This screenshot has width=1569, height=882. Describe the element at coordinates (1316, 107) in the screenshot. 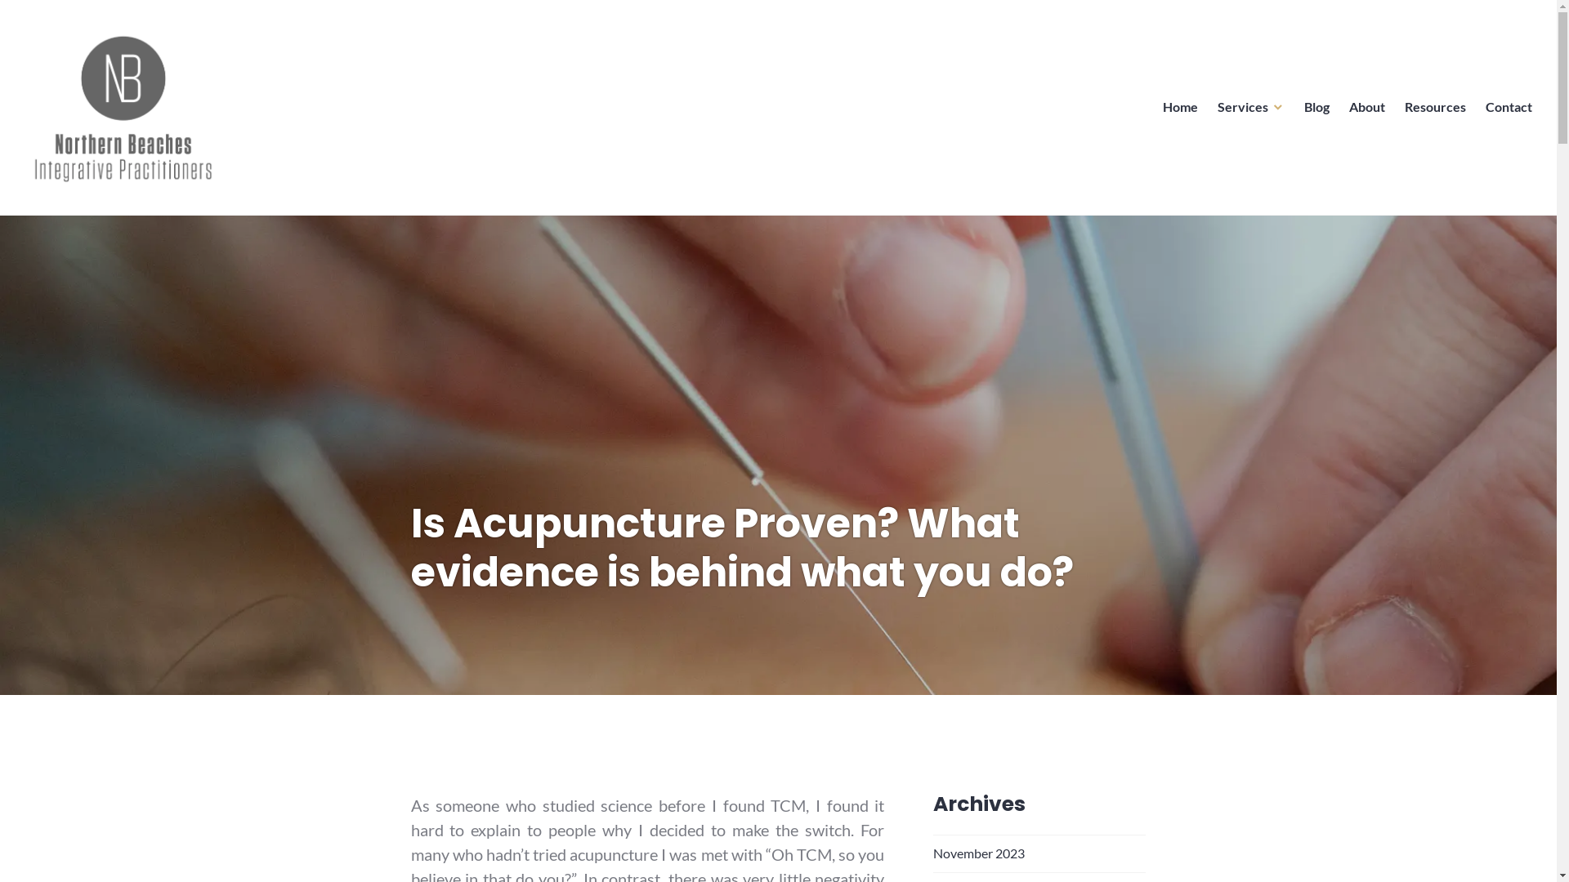

I see `'Blog'` at that location.